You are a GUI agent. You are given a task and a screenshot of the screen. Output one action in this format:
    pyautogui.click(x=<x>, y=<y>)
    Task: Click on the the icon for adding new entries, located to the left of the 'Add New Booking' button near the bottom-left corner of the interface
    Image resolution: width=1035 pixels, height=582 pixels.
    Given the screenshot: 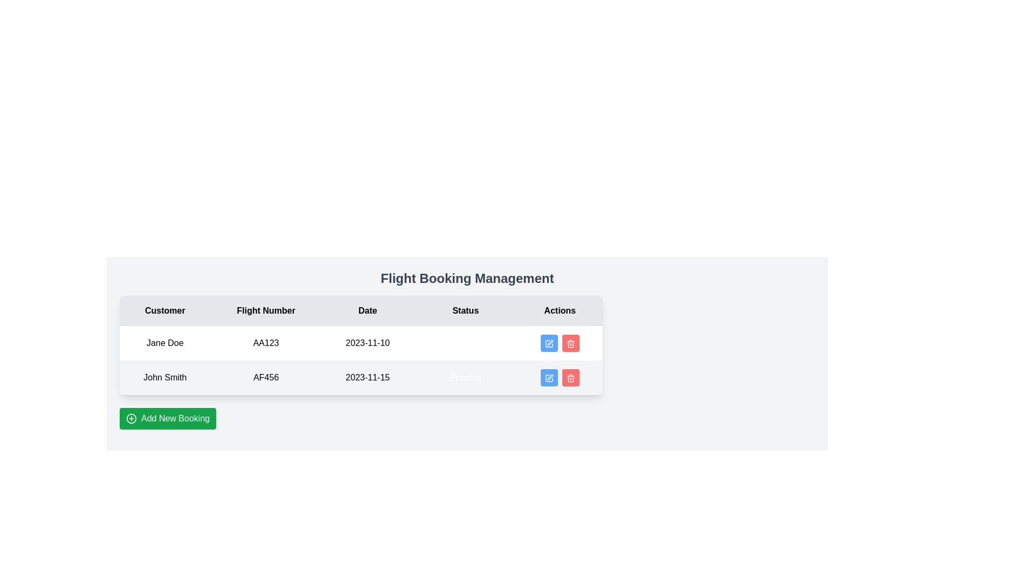 What is the action you would take?
    pyautogui.click(x=131, y=418)
    